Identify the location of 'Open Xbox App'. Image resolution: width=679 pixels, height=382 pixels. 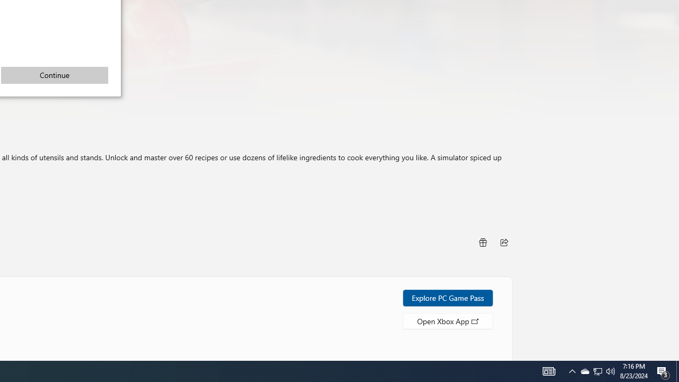
(448, 320).